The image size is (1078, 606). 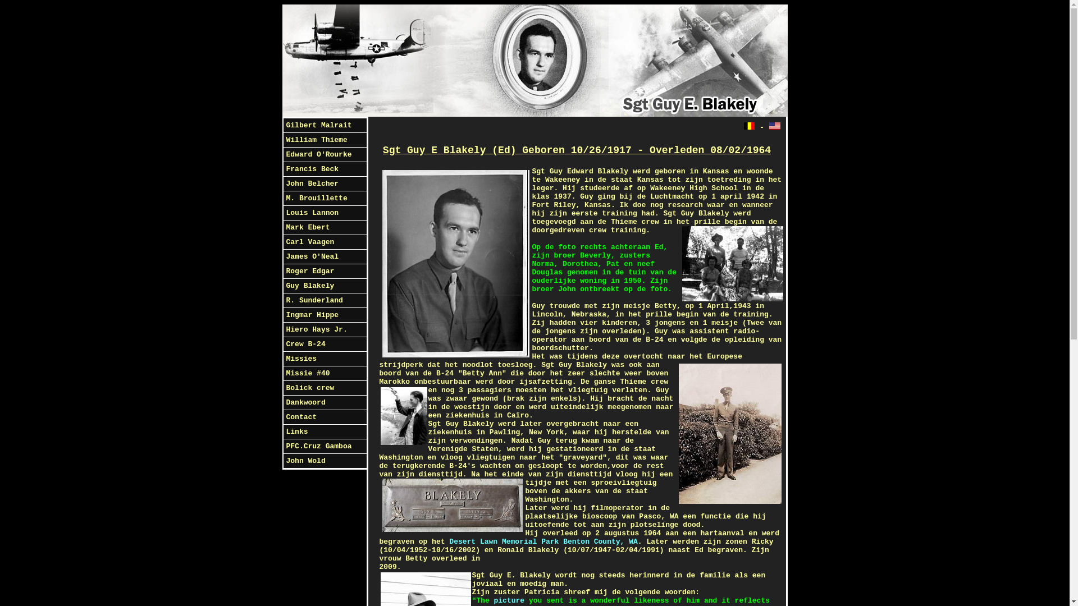 What do you see at coordinates (509, 600) in the screenshot?
I see `'picture'` at bounding box center [509, 600].